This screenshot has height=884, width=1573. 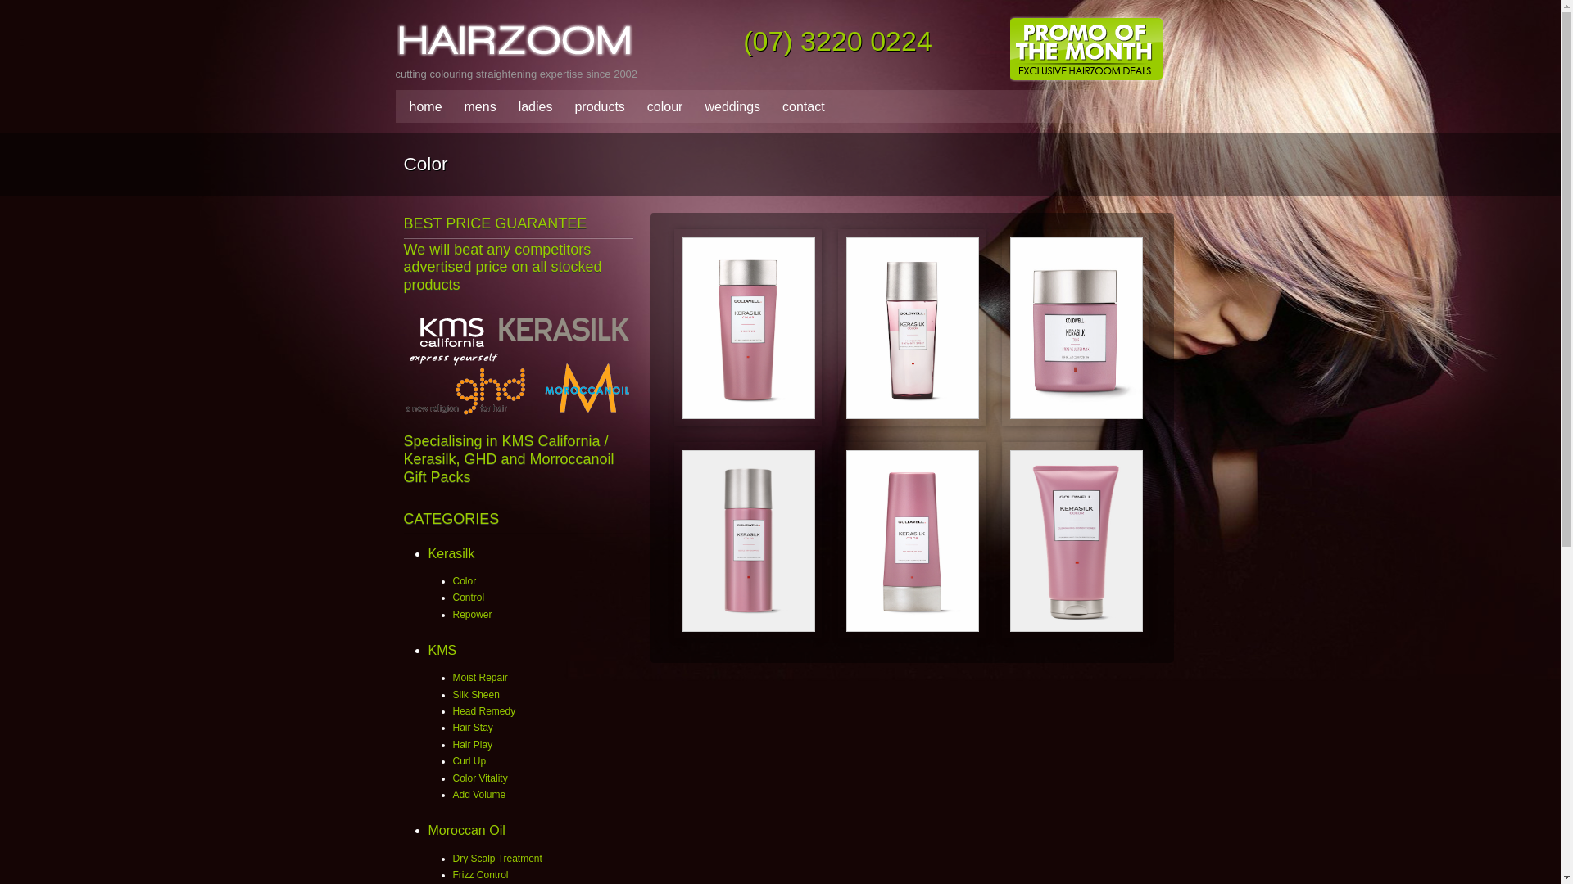 What do you see at coordinates (471, 726) in the screenshot?
I see `'Hair Stay'` at bounding box center [471, 726].